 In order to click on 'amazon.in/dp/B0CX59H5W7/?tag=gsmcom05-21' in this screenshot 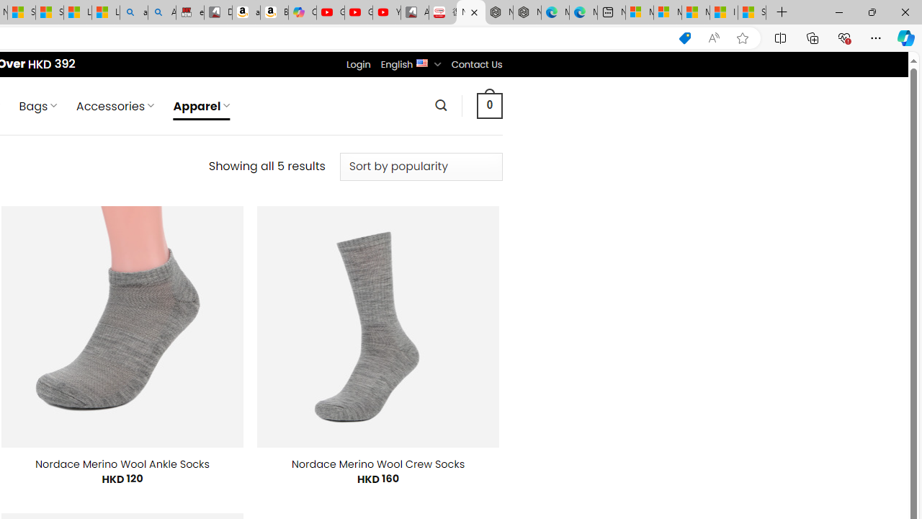, I will do `click(246, 12)`.